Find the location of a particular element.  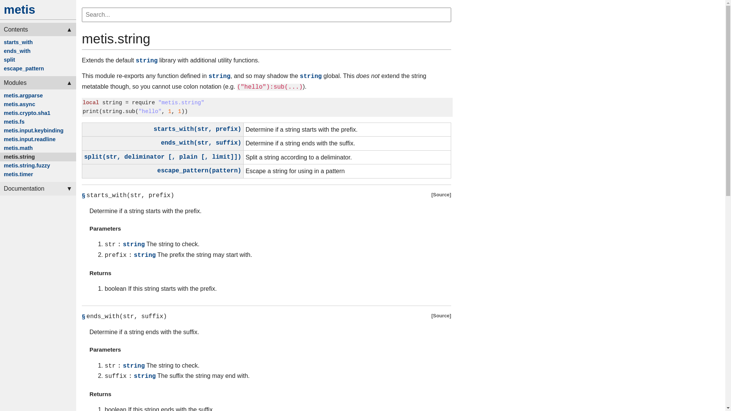

'starts_with' is located at coordinates (38, 42).